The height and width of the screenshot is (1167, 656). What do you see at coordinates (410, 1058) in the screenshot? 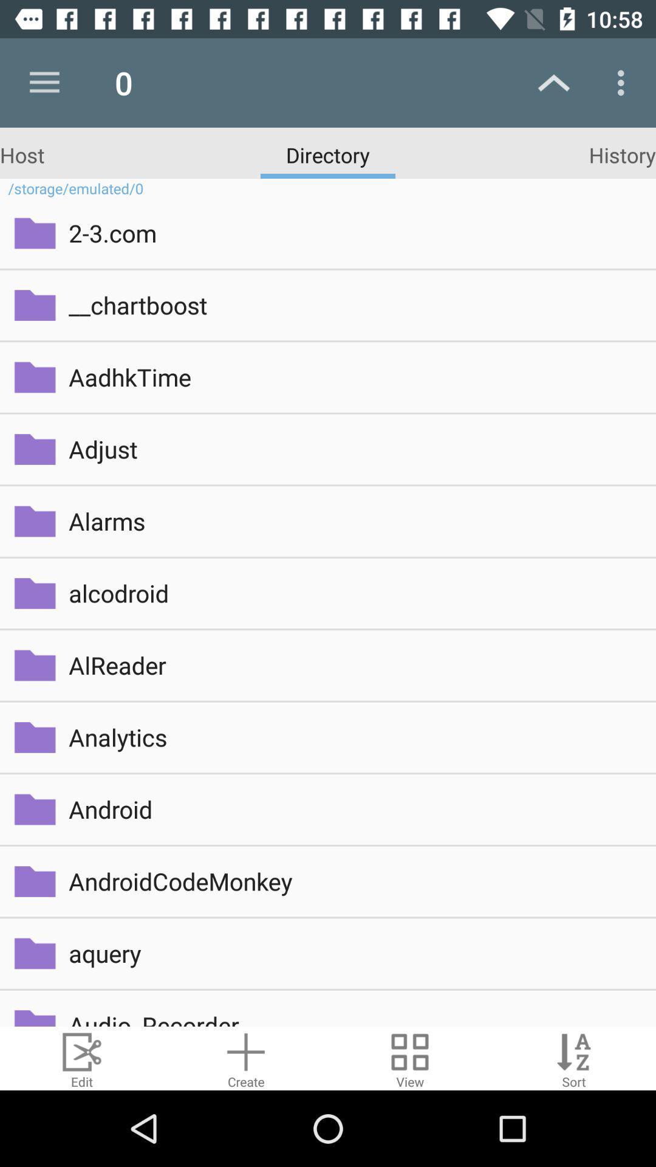
I see `change layout` at bounding box center [410, 1058].